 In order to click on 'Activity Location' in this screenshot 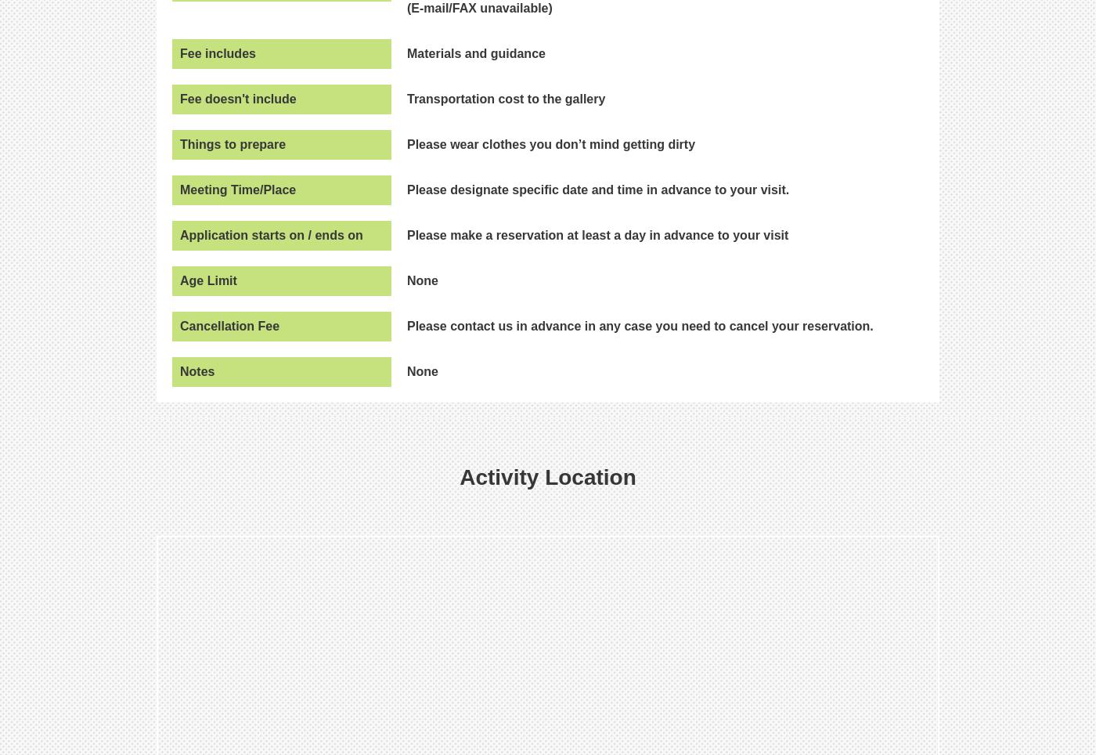, I will do `click(547, 476)`.